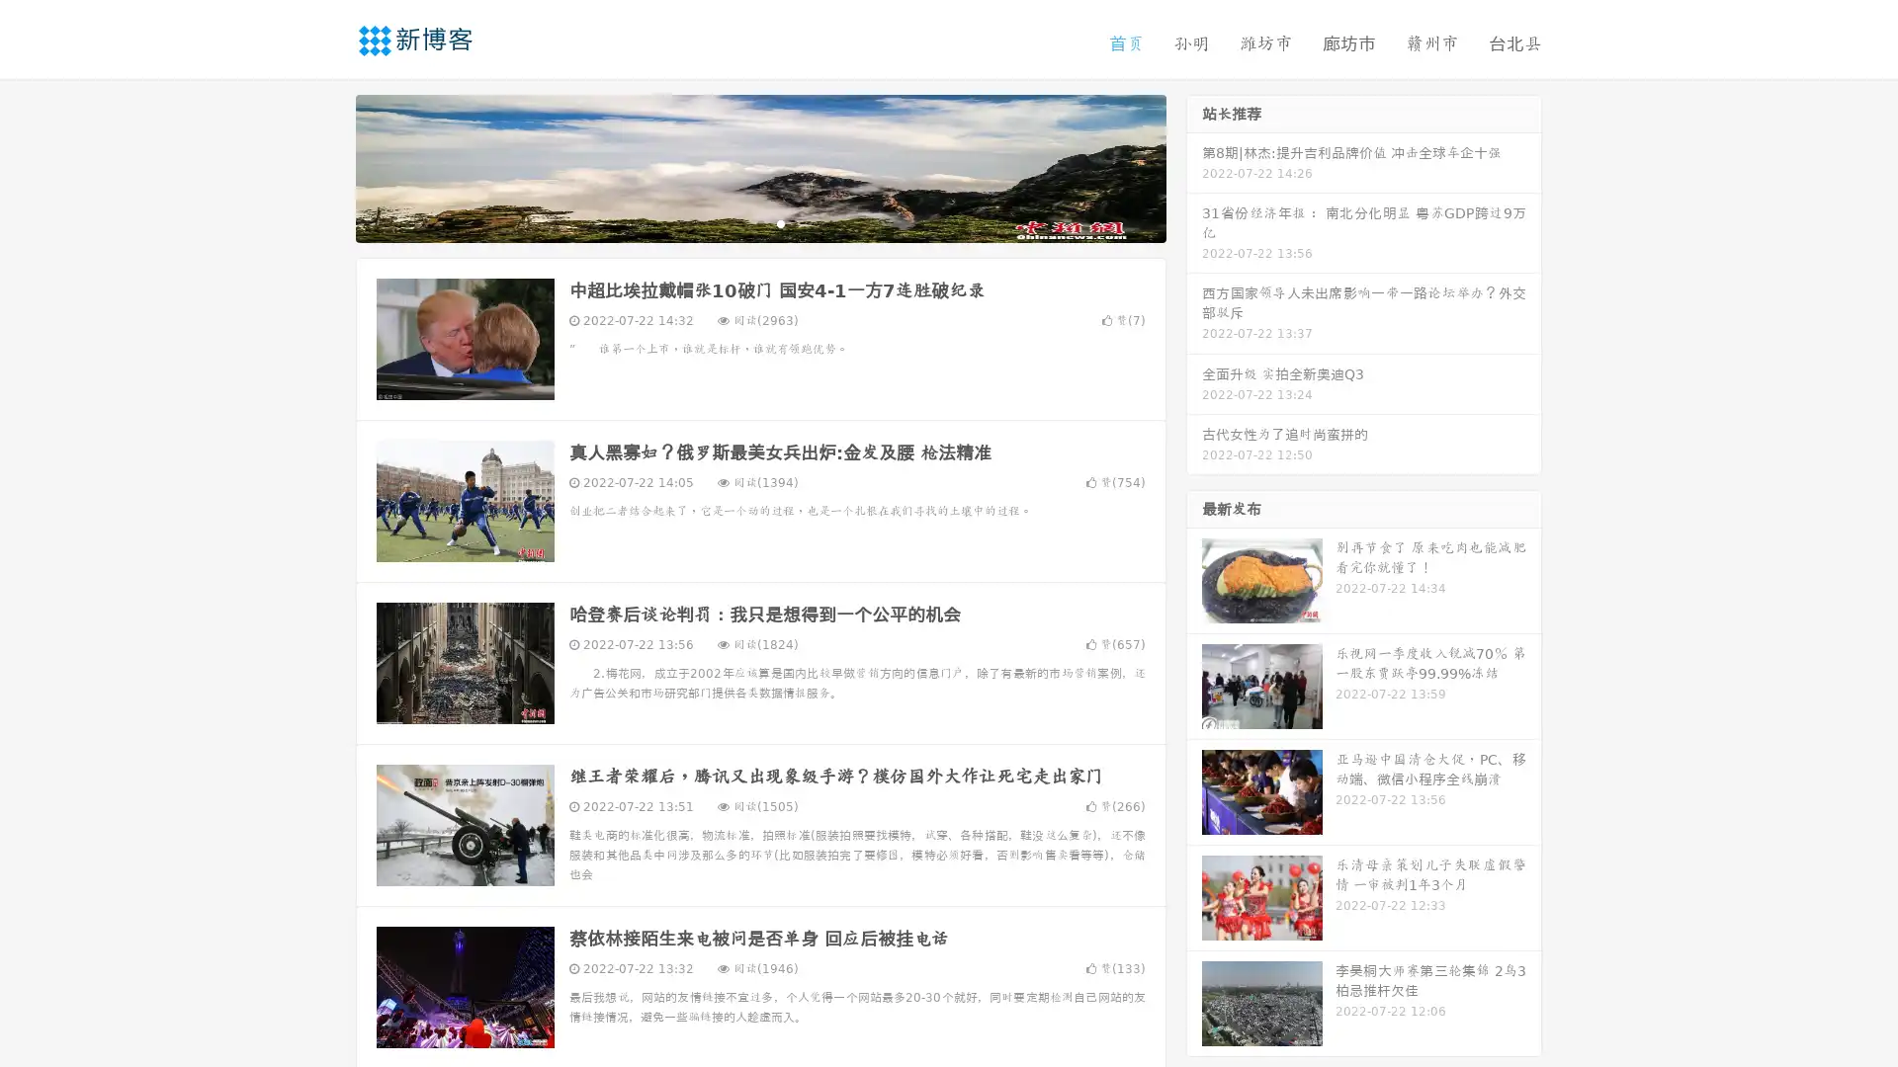 The image size is (1898, 1067). I want to click on Go to slide 1, so click(739, 222).